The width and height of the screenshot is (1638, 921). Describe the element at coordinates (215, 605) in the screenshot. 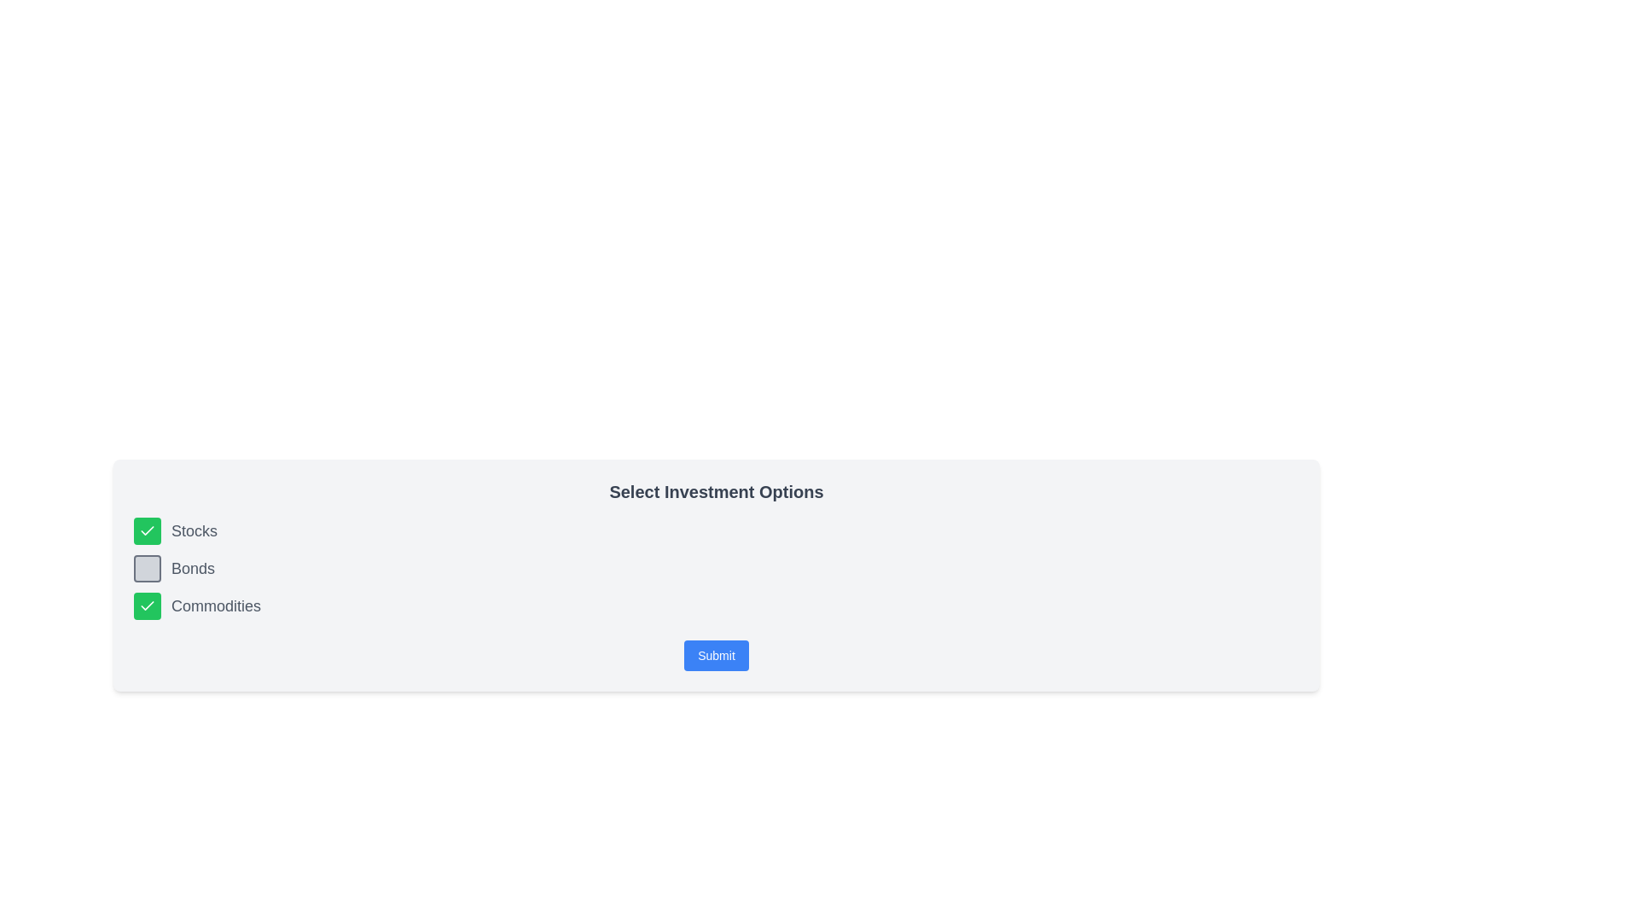

I see `the static text label displaying 'Commodities'` at that location.